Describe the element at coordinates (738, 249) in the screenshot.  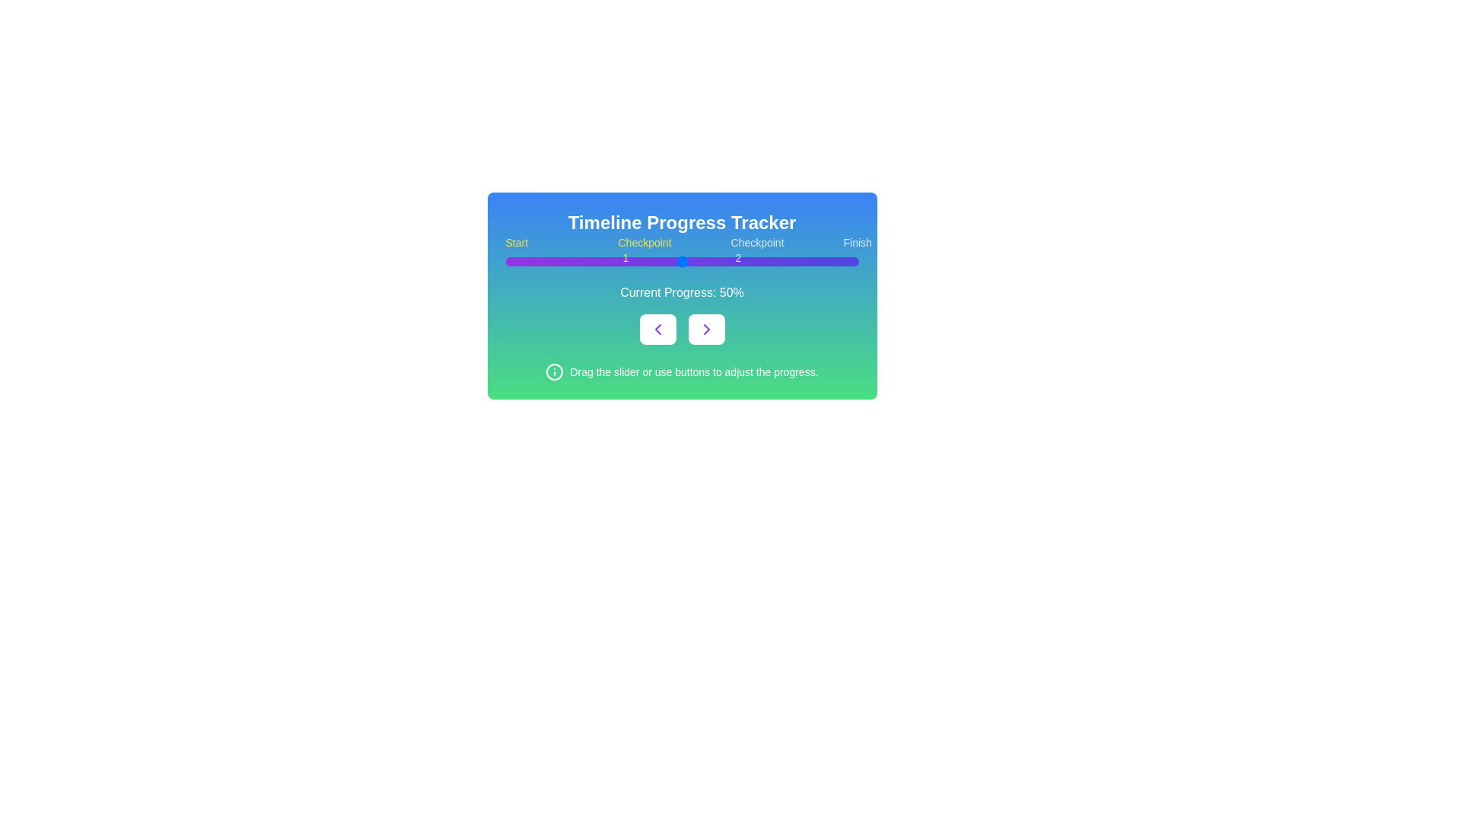
I see `the text label 'Checkpoint 2', which is the third label below the progress bar, styled in gray and bold` at that location.